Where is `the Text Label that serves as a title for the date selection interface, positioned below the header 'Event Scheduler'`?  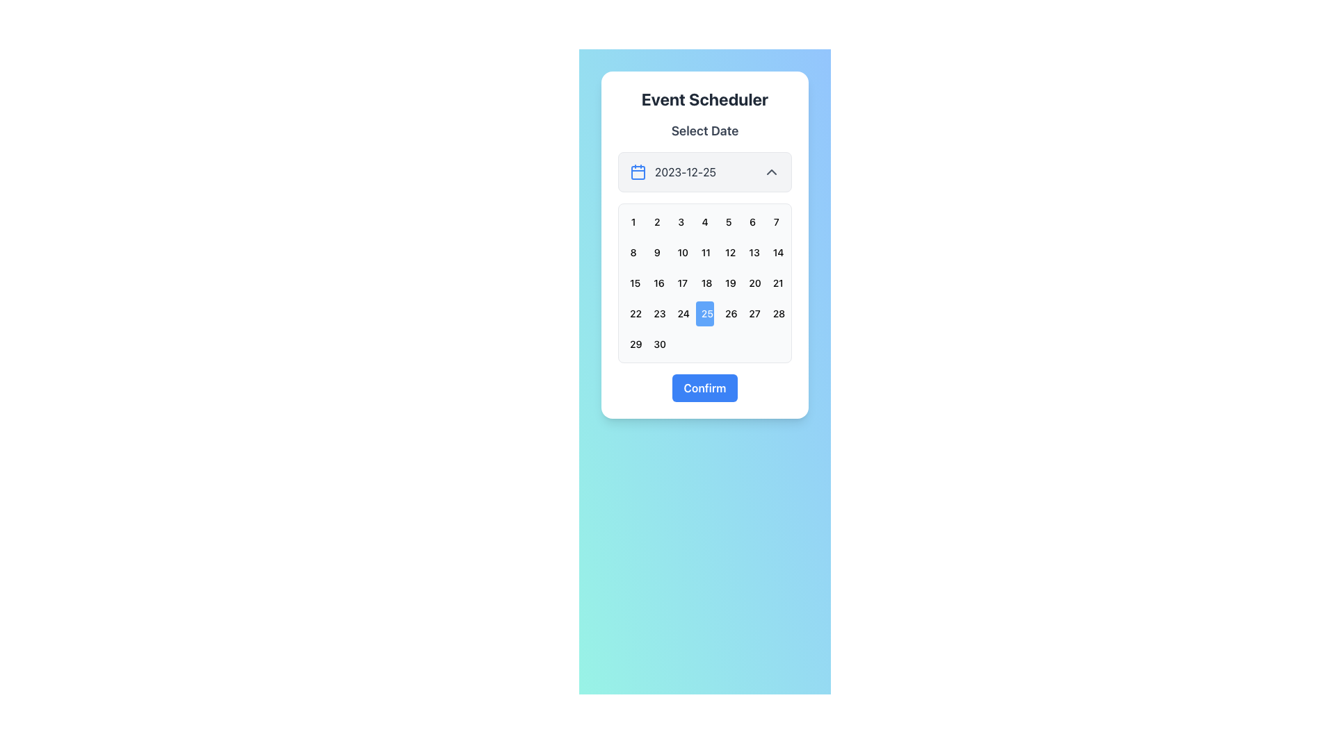
the Text Label that serves as a title for the date selection interface, positioned below the header 'Event Scheduler' is located at coordinates (704, 131).